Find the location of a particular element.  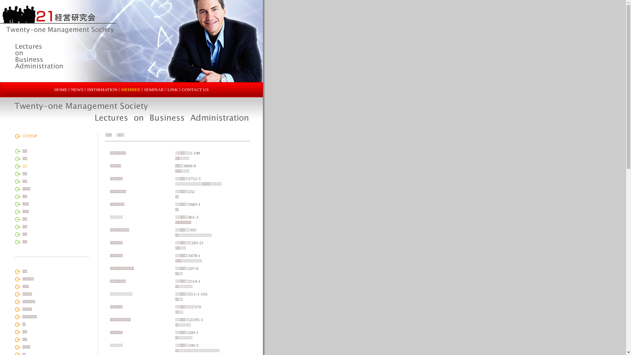

'MEMBER' is located at coordinates (121, 89).